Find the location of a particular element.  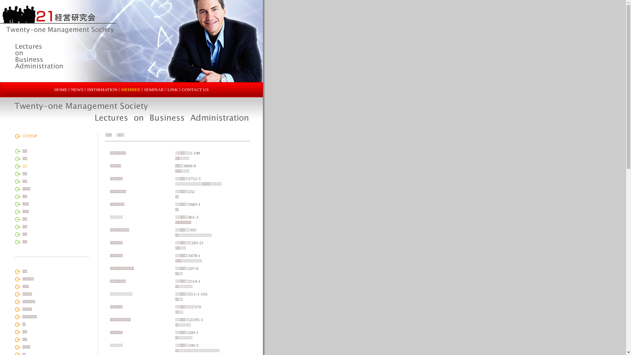

'MEMBER' is located at coordinates (121, 89).